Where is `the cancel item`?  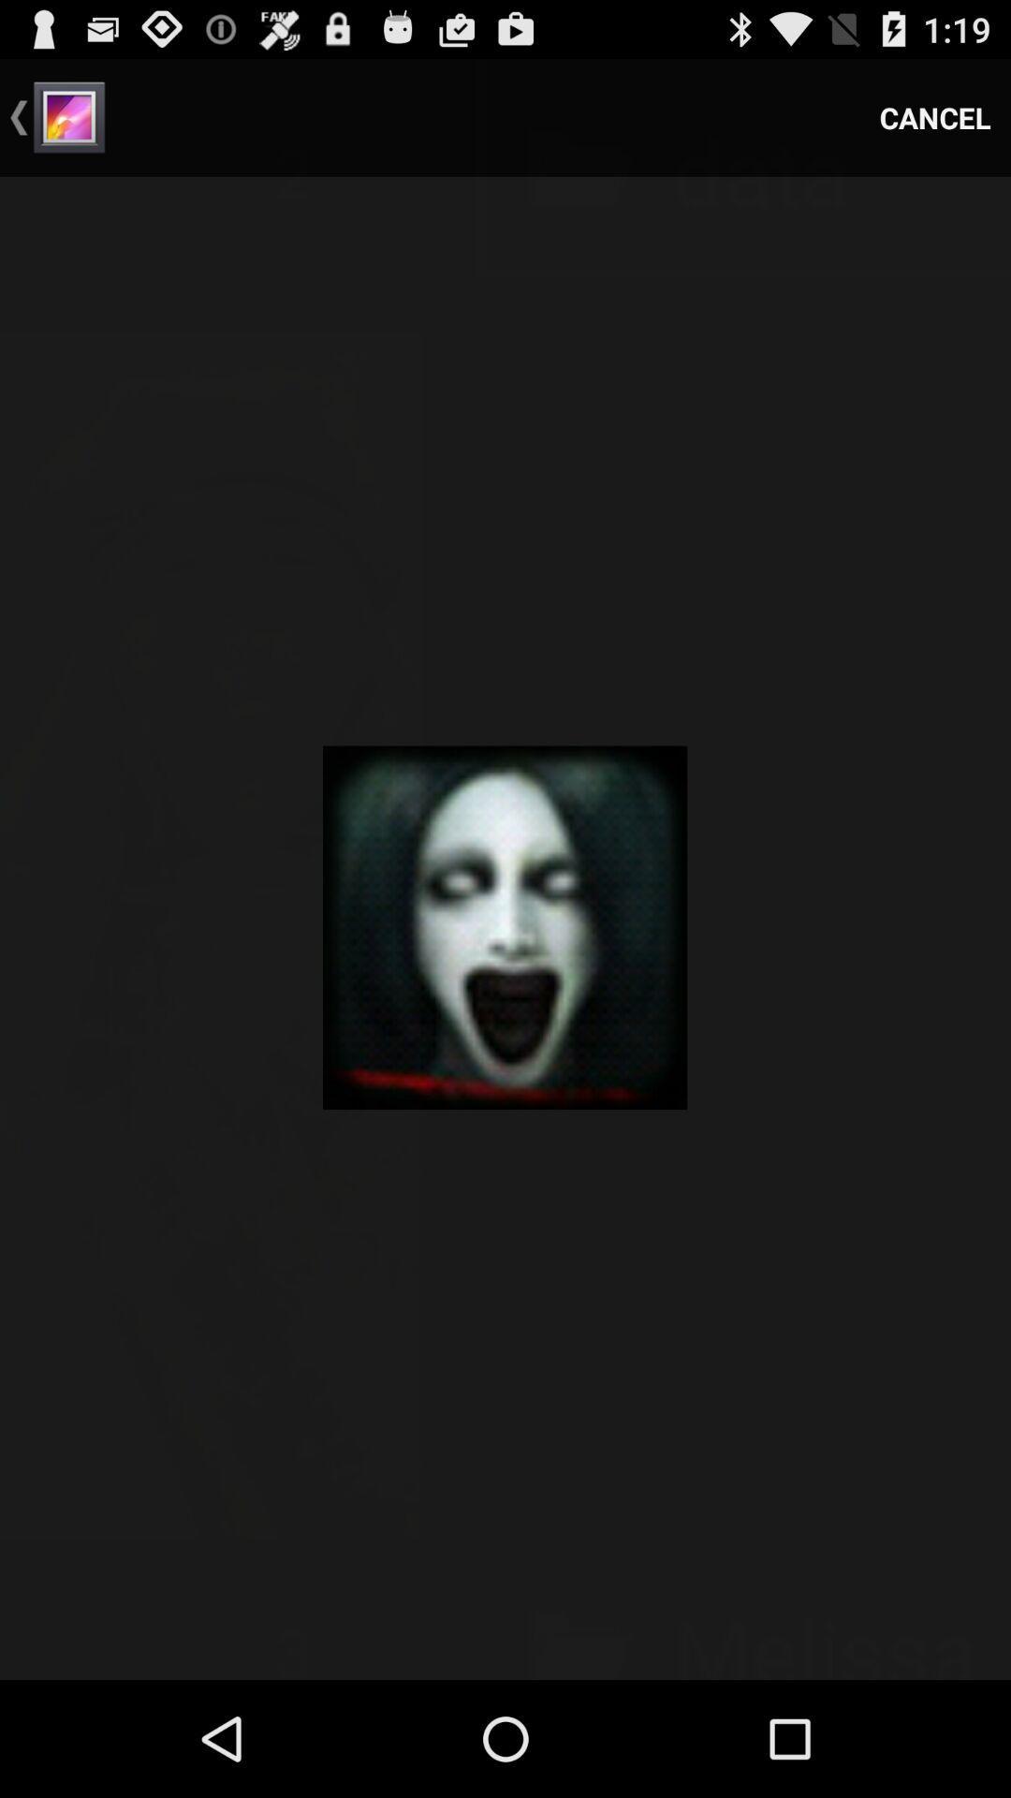 the cancel item is located at coordinates (935, 116).